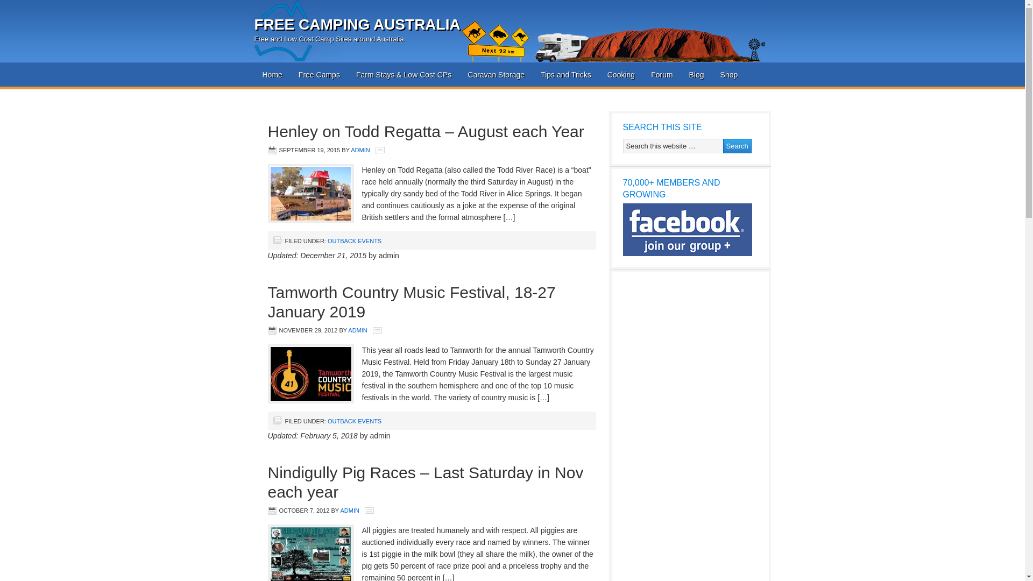 Image resolution: width=1033 pixels, height=581 pixels. What do you see at coordinates (360, 150) in the screenshot?
I see `'ADMIN'` at bounding box center [360, 150].